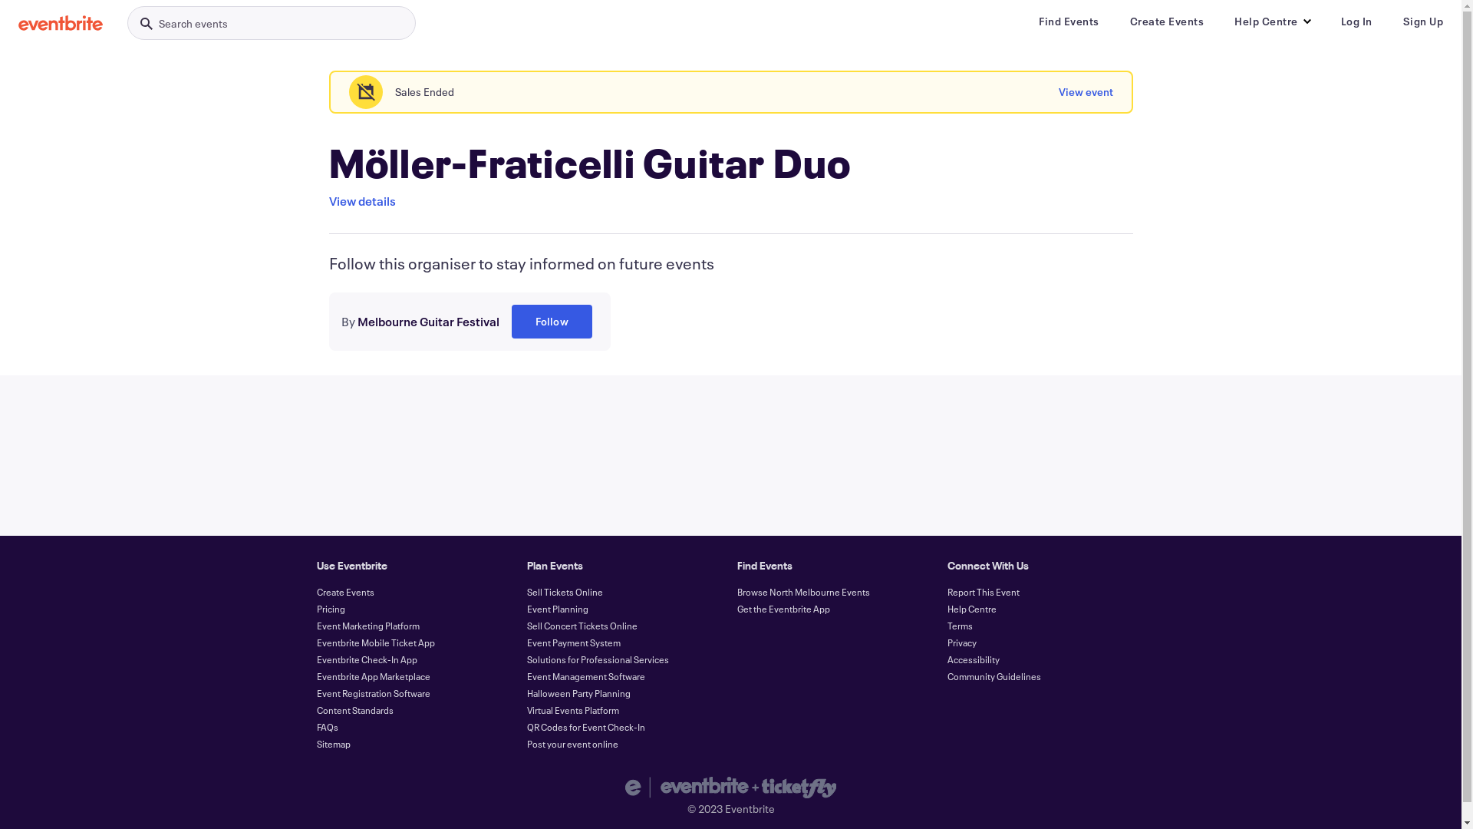  Describe the element at coordinates (596, 659) in the screenshot. I see `'Solutions for Professional Services'` at that location.